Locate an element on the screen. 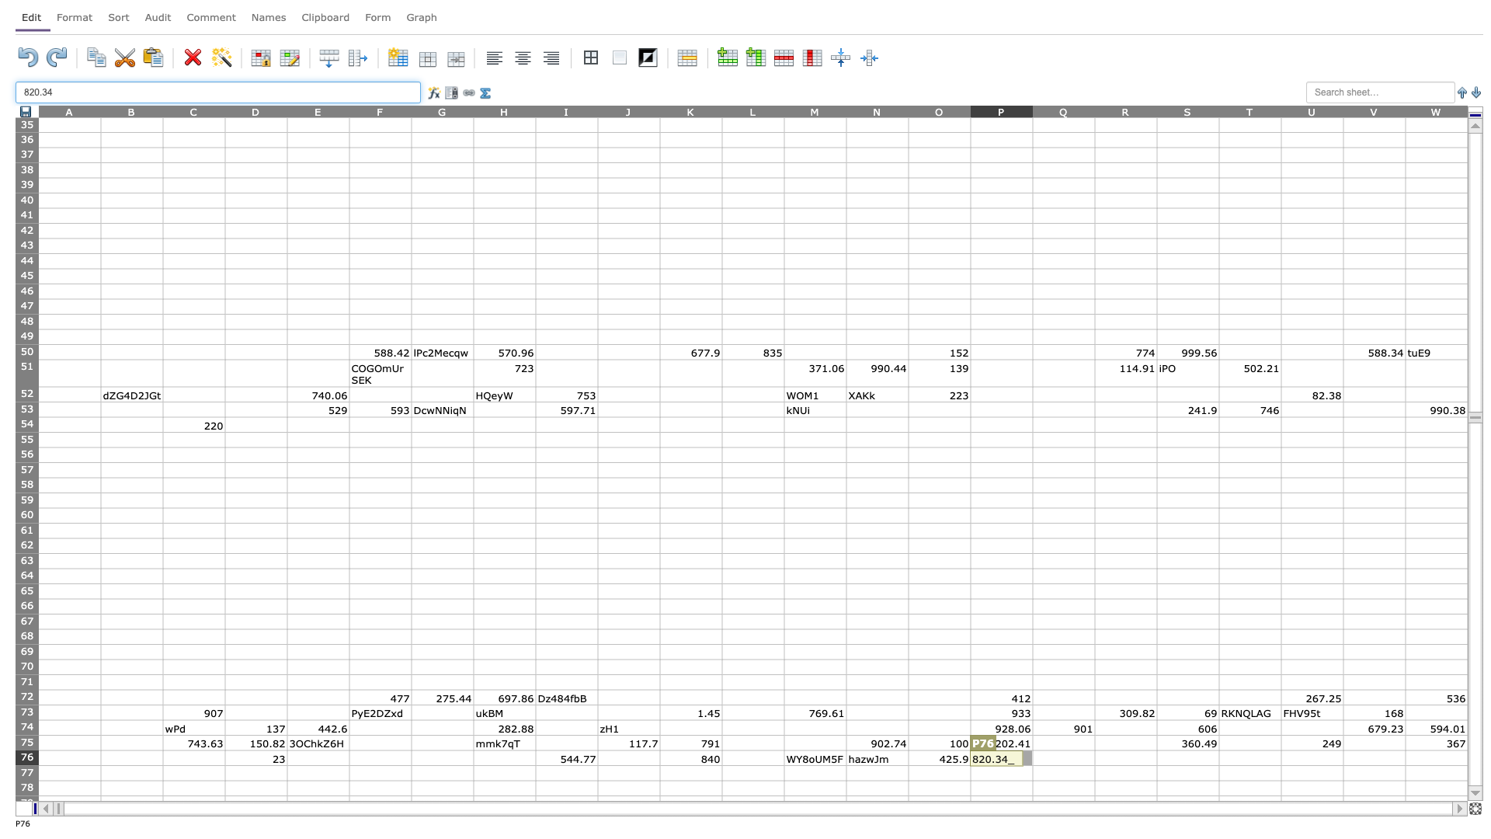 The image size is (1491, 839). Northwest corner of cell R76 is located at coordinates (1094, 749).